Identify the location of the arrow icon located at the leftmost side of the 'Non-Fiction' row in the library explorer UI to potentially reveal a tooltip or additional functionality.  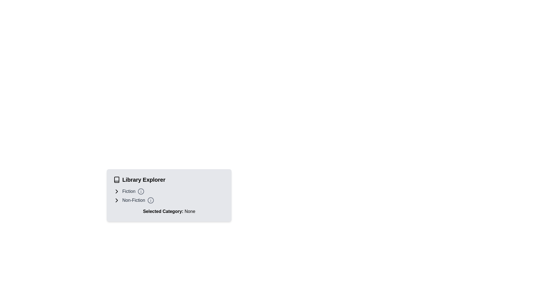
(116, 200).